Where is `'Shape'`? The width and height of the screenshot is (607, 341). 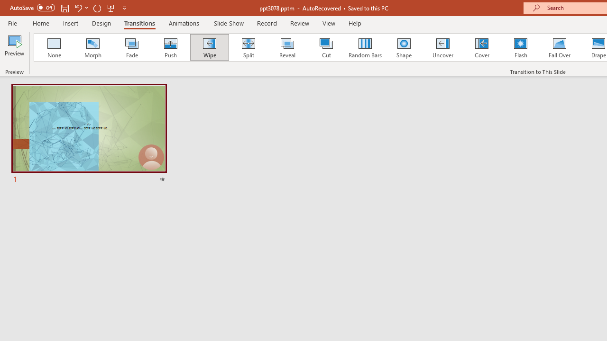
'Shape' is located at coordinates (404, 47).